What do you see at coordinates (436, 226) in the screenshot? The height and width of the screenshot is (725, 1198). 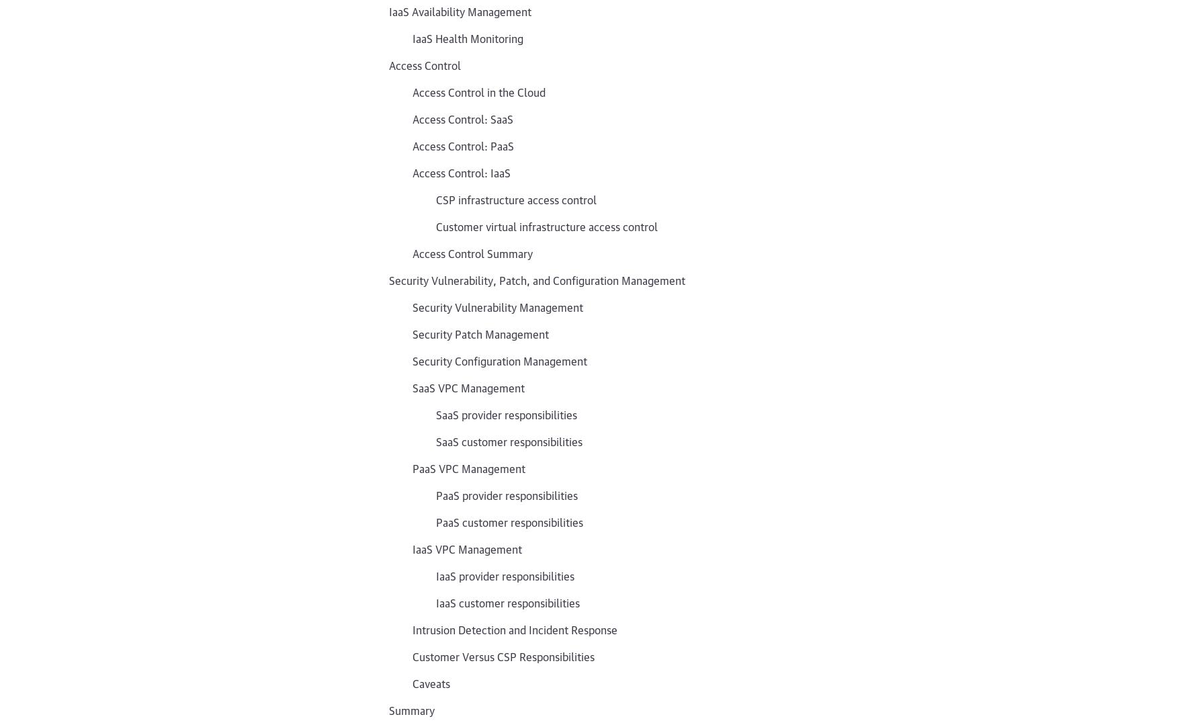 I see `'Customer virtual infrastructure access control'` at bounding box center [436, 226].